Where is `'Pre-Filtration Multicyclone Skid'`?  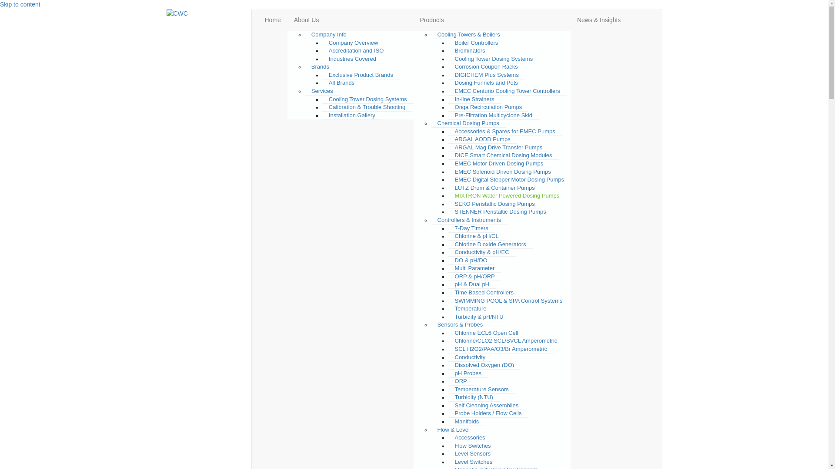 'Pre-Filtration Multicyclone Skid' is located at coordinates (493, 115).